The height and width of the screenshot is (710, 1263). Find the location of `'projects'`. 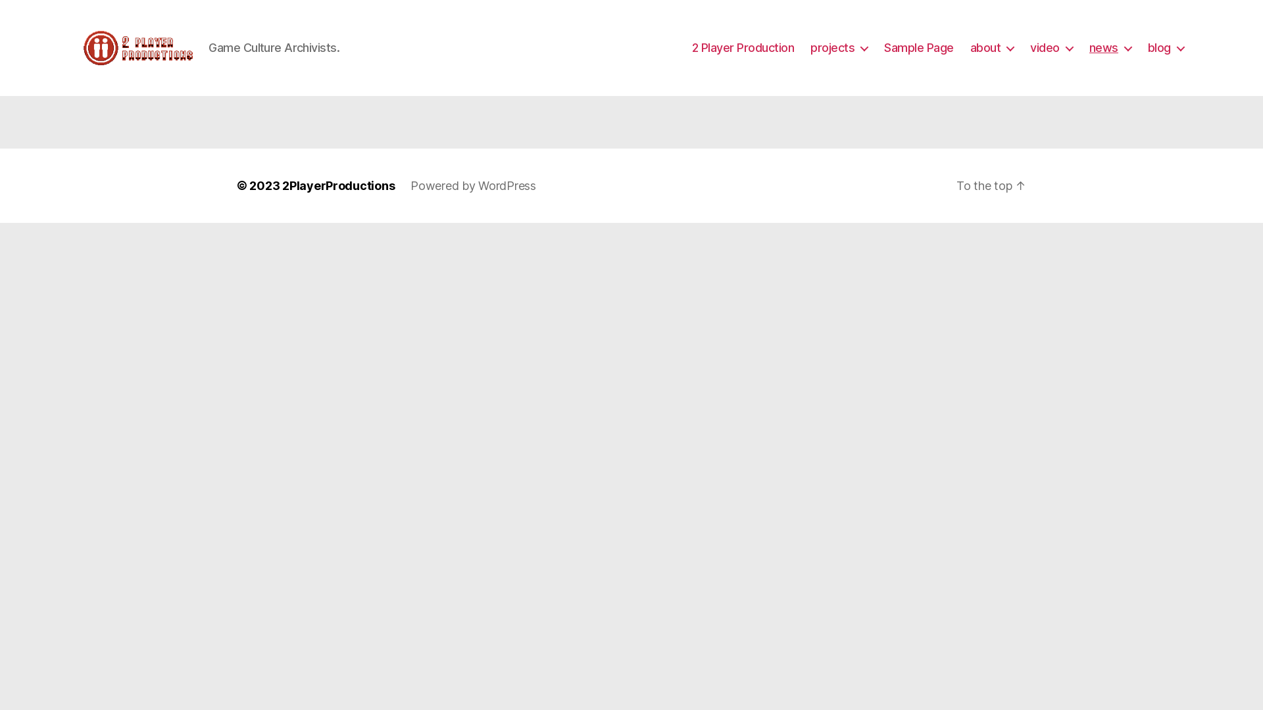

'projects' is located at coordinates (838, 47).